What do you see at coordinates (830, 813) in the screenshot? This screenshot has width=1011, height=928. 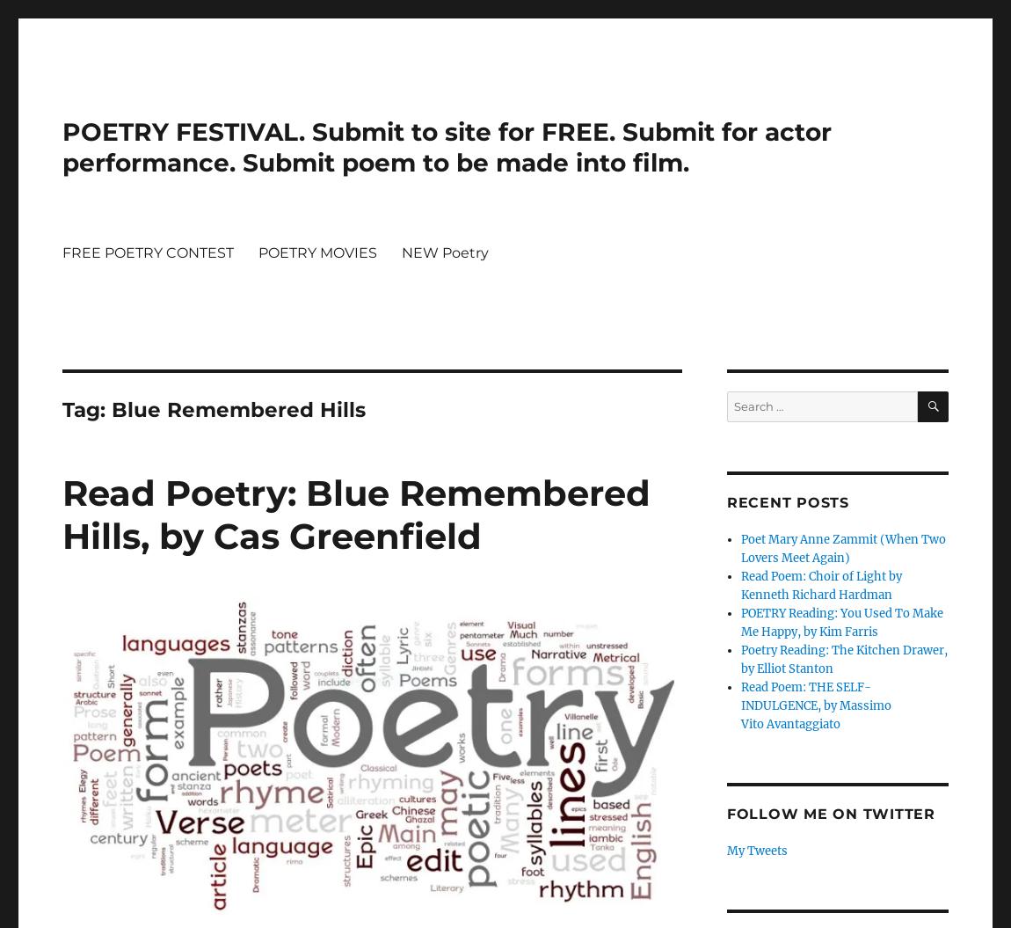 I see `'Follow me on Twitter'` at bounding box center [830, 813].